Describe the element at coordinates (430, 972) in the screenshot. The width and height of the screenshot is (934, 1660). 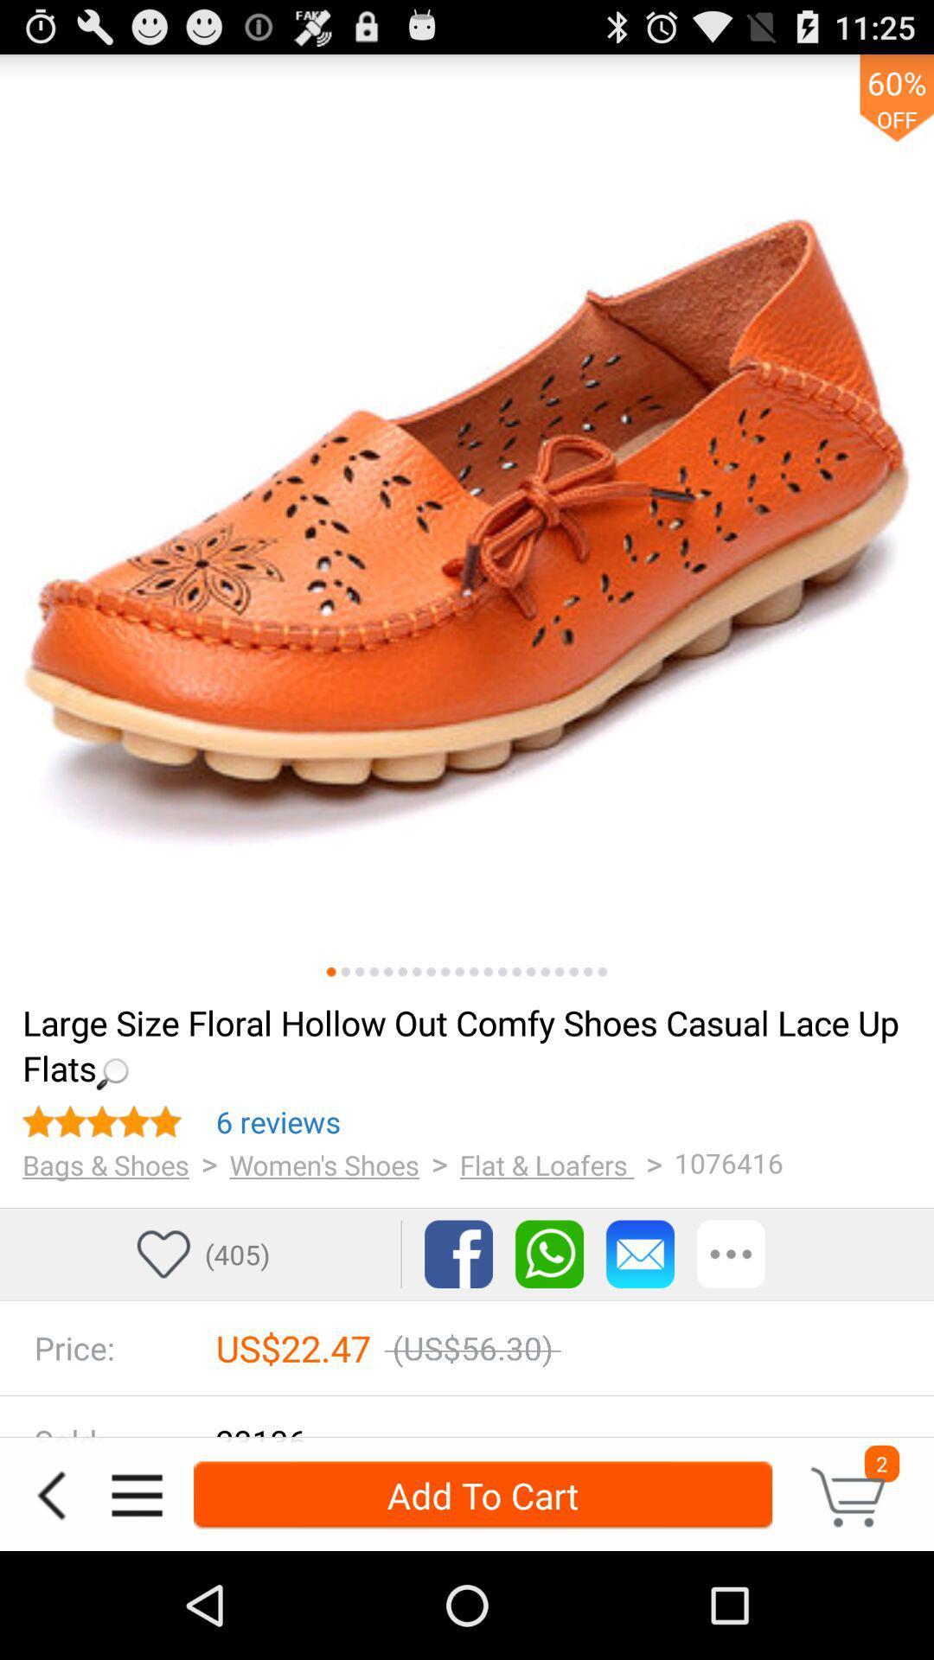
I see `the eighth image` at that location.